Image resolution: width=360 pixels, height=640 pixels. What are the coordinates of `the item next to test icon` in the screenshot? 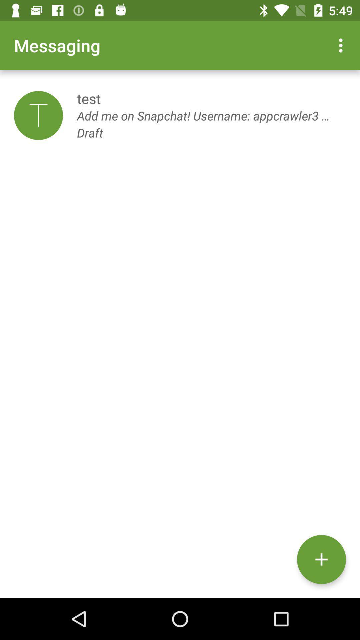 It's located at (38, 115).